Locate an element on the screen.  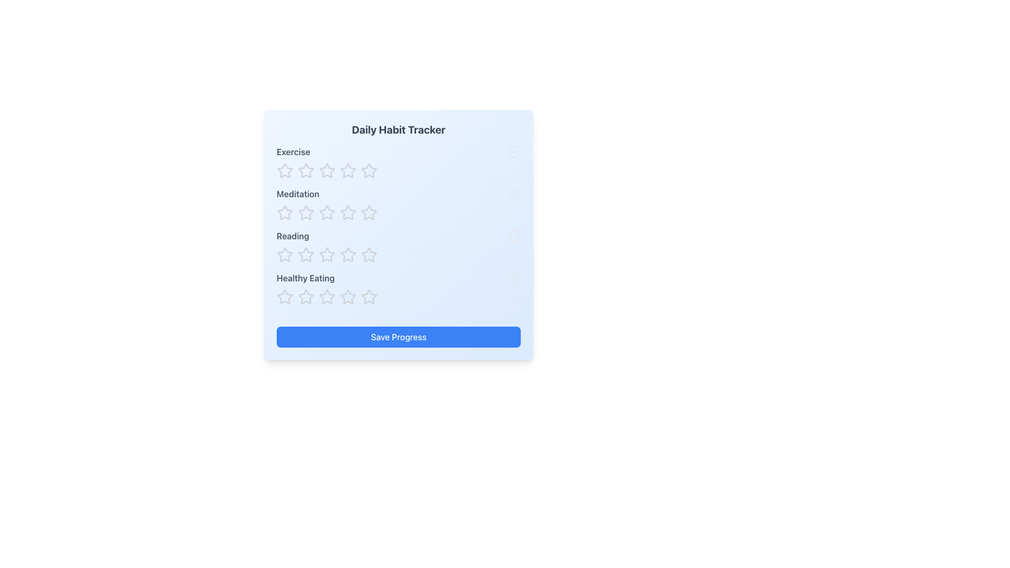
across the row of star icons in the Rating component under the 'Exercise' label is located at coordinates (398, 170).